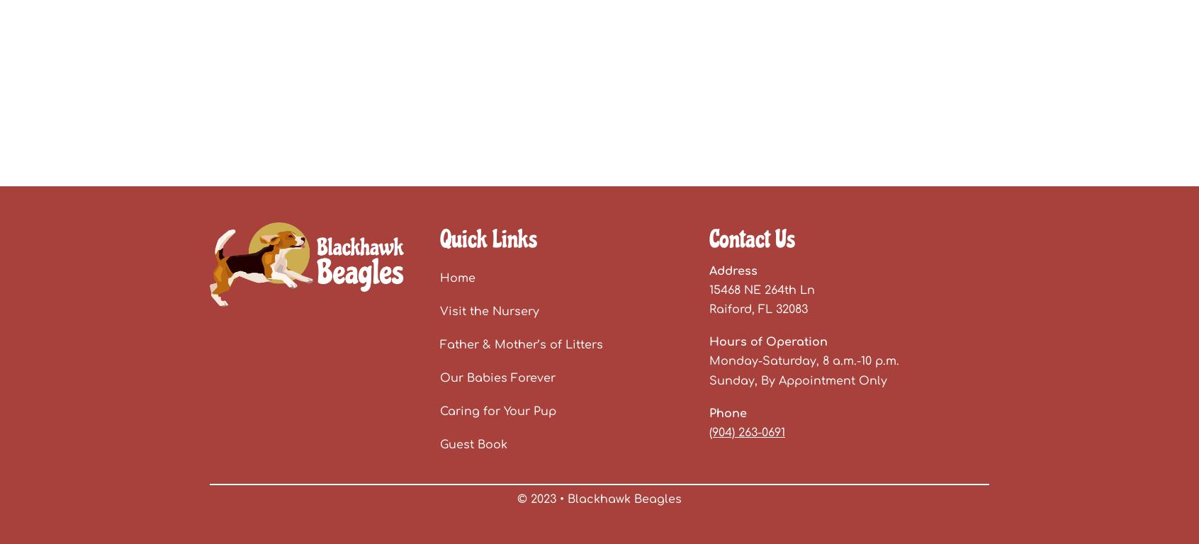 This screenshot has height=544, width=1199. Describe the element at coordinates (762, 289) in the screenshot. I see `'15468 NE 264th Ln'` at that location.